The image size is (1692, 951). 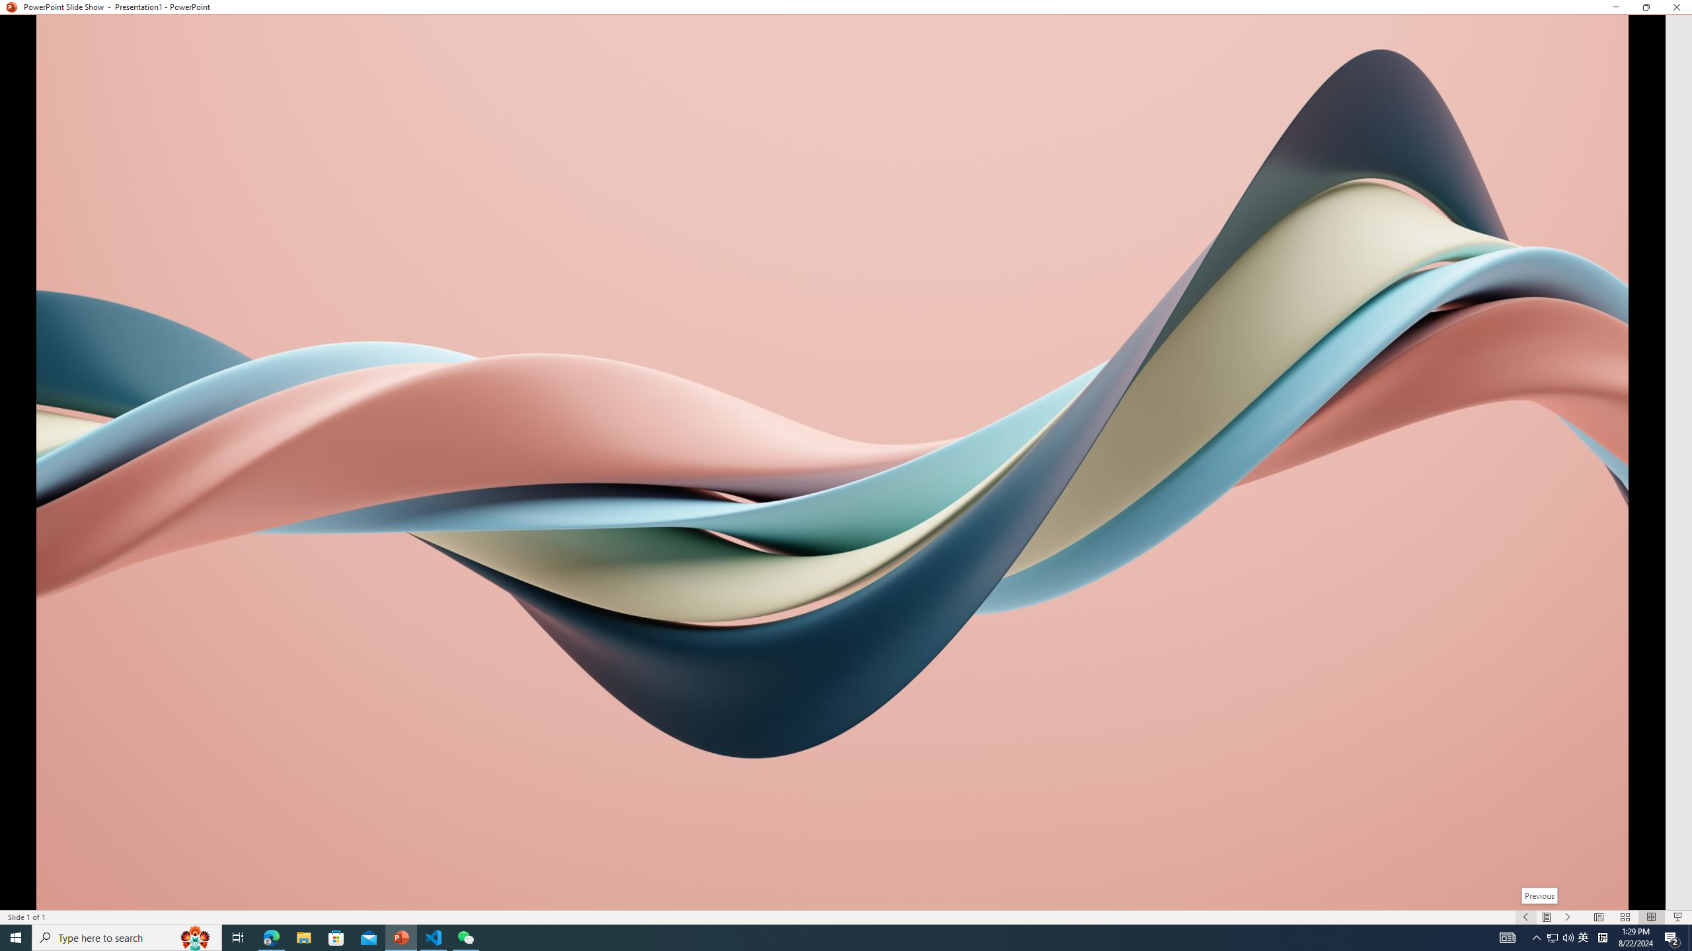 What do you see at coordinates (1568, 917) in the screenshot?
I see `'Slide Show Next On'` at bounding box center [1568, 917].